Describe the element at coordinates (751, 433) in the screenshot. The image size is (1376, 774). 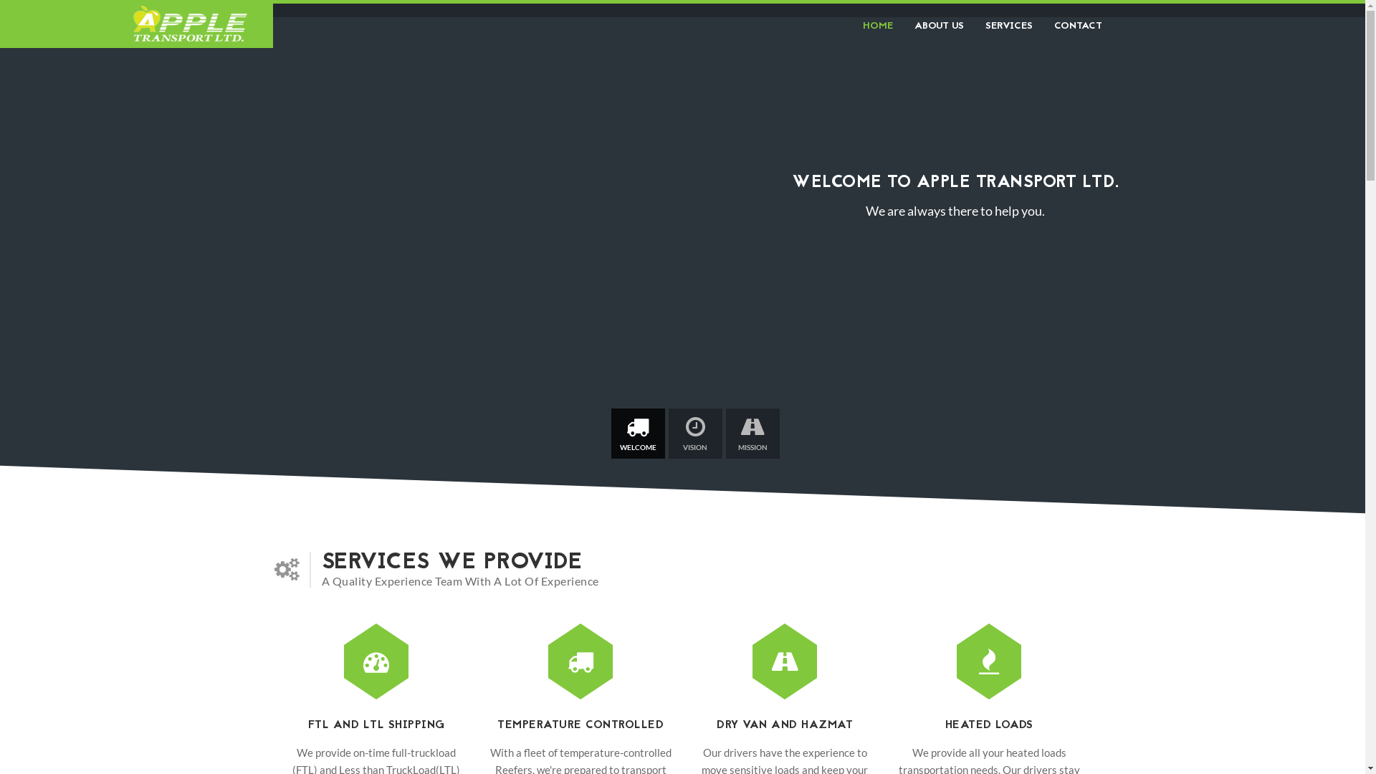
I see `'MISSION'` at that location.